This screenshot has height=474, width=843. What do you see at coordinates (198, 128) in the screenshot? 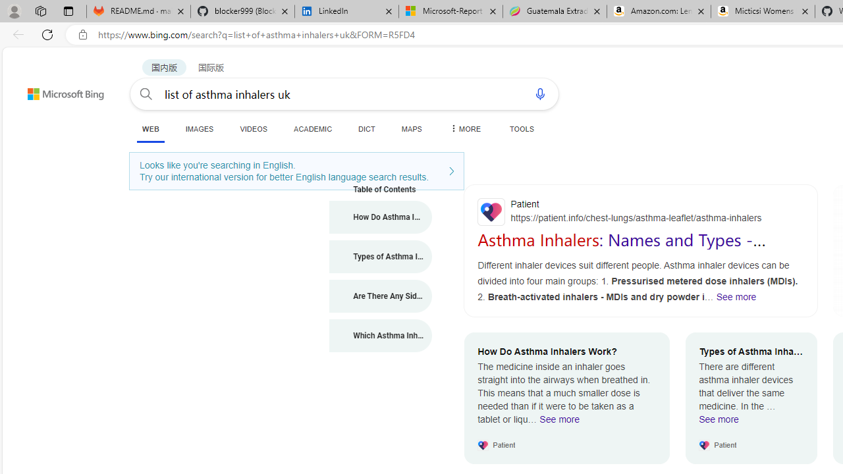
I see `'IMAGES'` at bounding box center [198, 128].